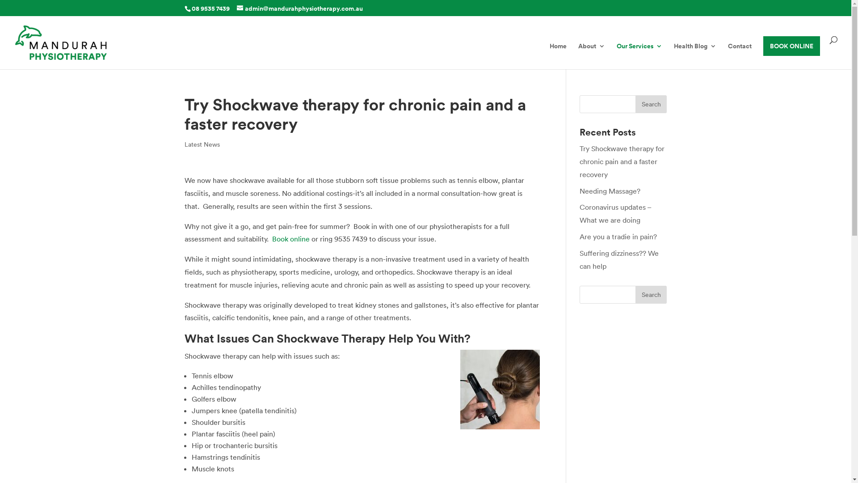 This screenshot has width=858, height=483. What do you see at coordinates (651, 103) in the screenshot?
I see `'Search'` at bounding box center [651, 103].